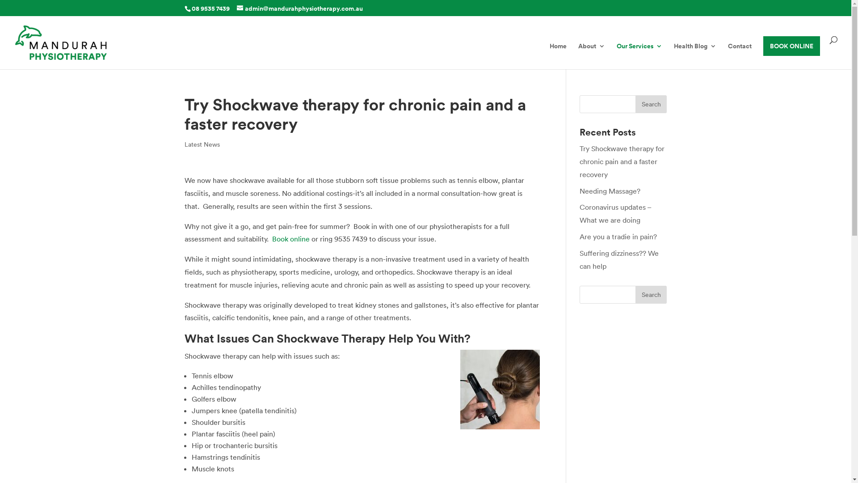 This screenshot has width=858, height=483. What do you see at coordinates (651, 103) in the screenshot?
I see `'Search'` at bounding box center [651, 103].